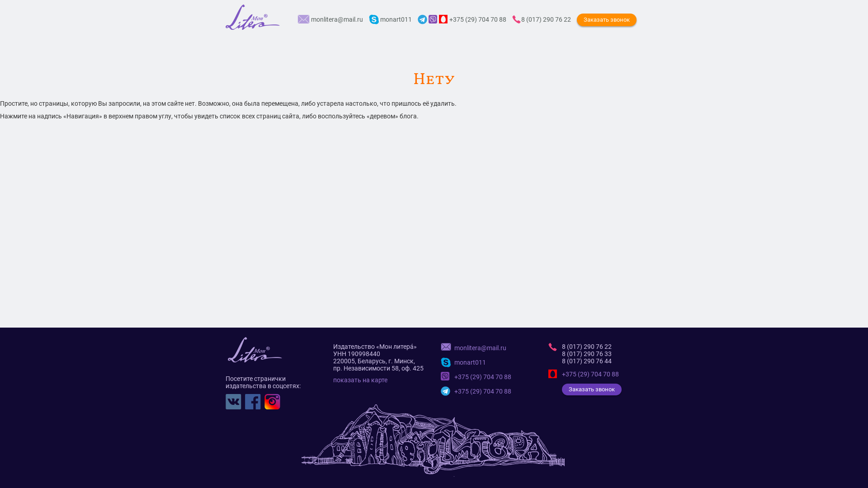  I want to click on '+375 (29) 704 70 88', so click(548, 374).